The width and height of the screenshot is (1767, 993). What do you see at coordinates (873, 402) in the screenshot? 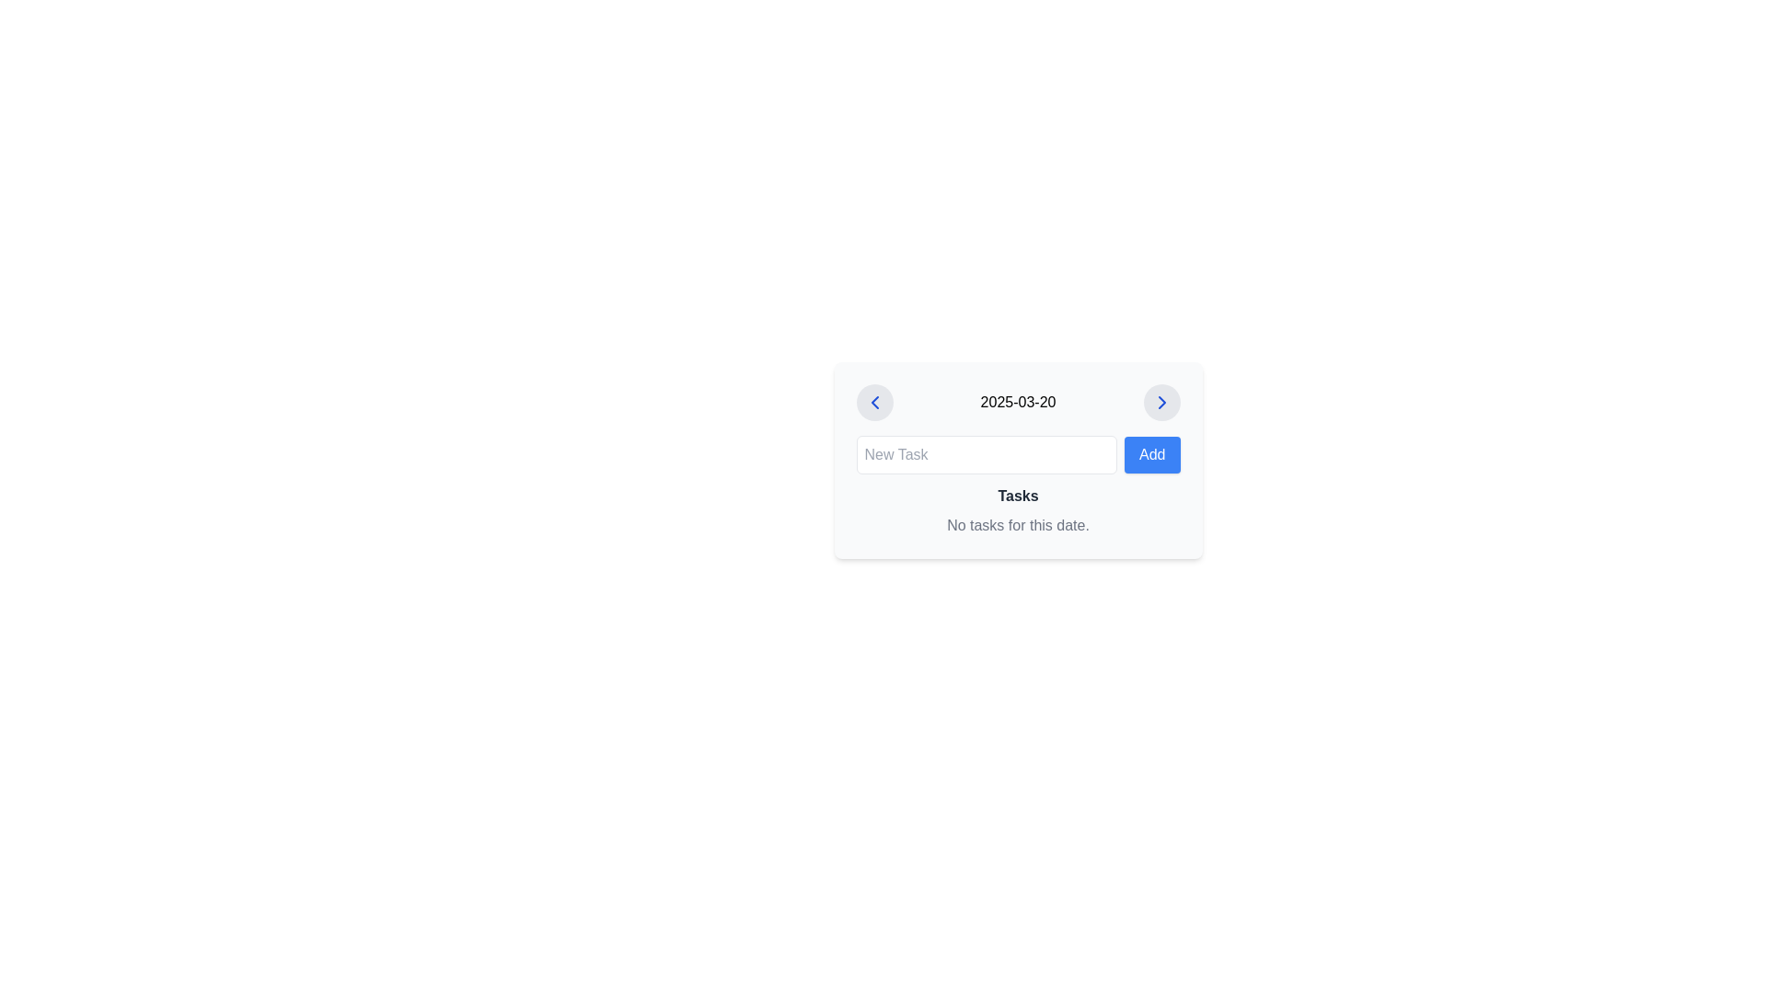
I see `the left-pointing blue chevron icon within the circular button located to the left of the date text '2025-03-20' for visual feedback` at bounding box center [873, 402].